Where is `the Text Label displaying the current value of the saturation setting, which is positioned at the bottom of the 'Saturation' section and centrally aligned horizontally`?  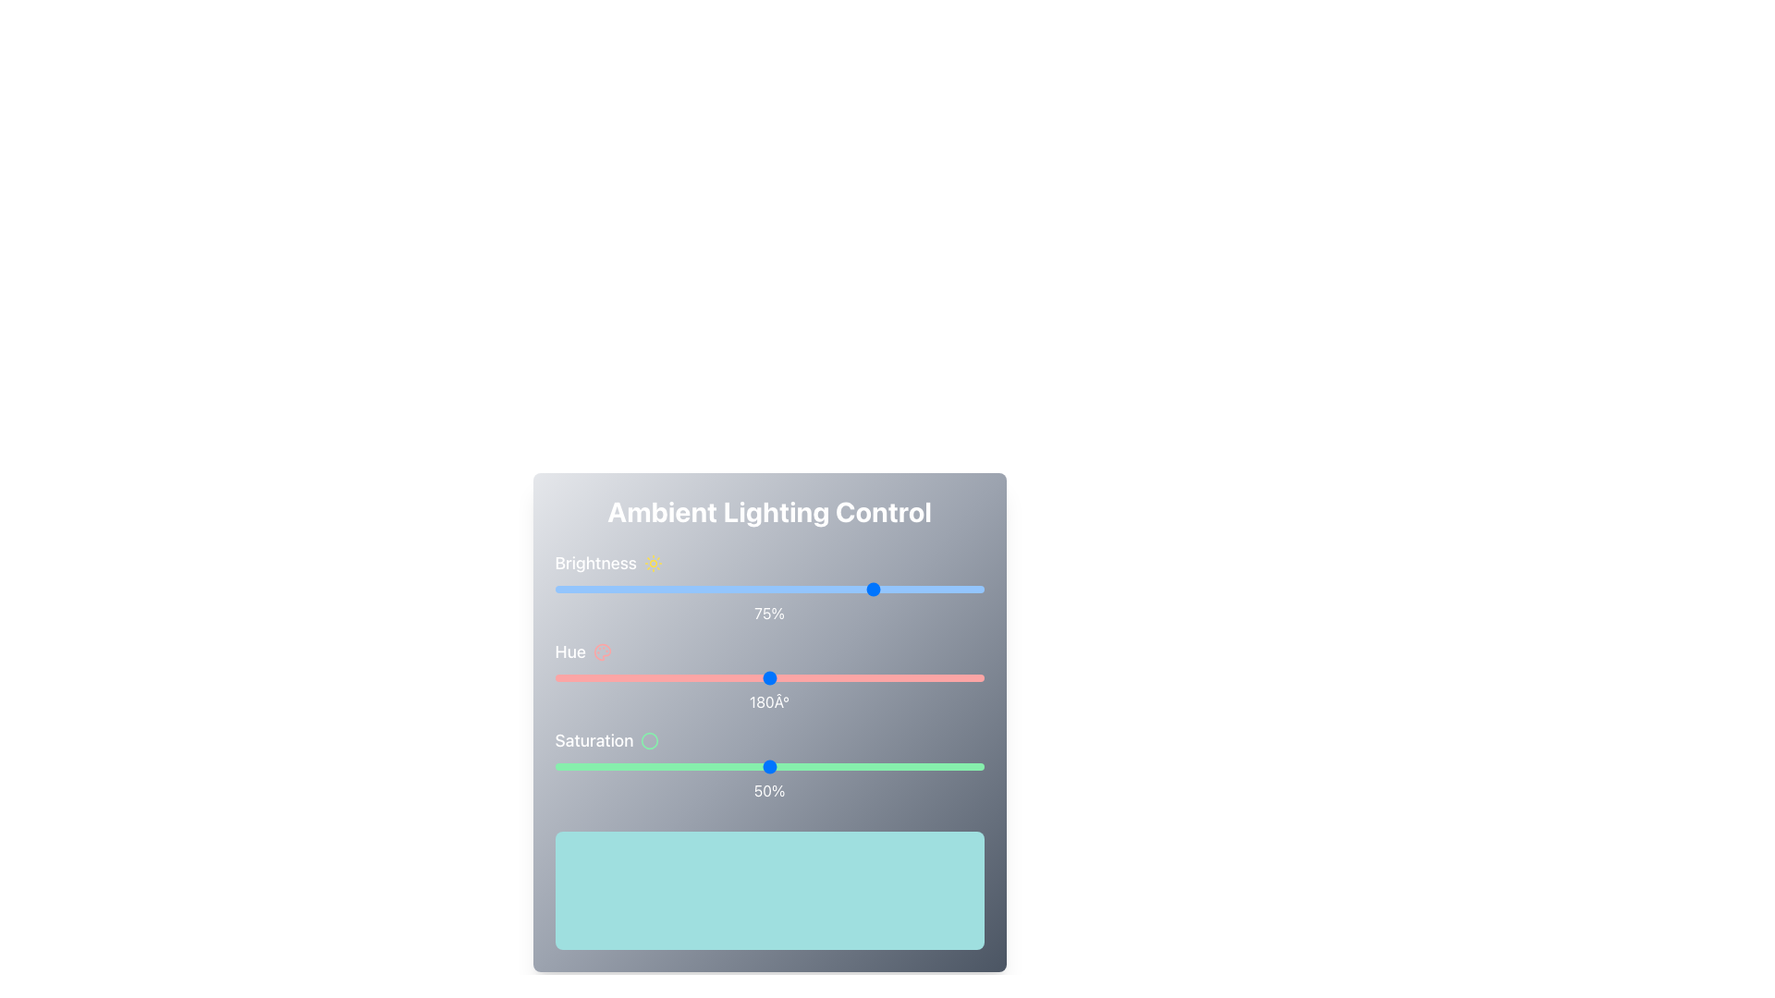
the Text Label displaying the current value of the saturation setting, which is positioned at the bottom of the 'Saturation' section and centrally aligned horizontally is located at coordinates (769, 790).